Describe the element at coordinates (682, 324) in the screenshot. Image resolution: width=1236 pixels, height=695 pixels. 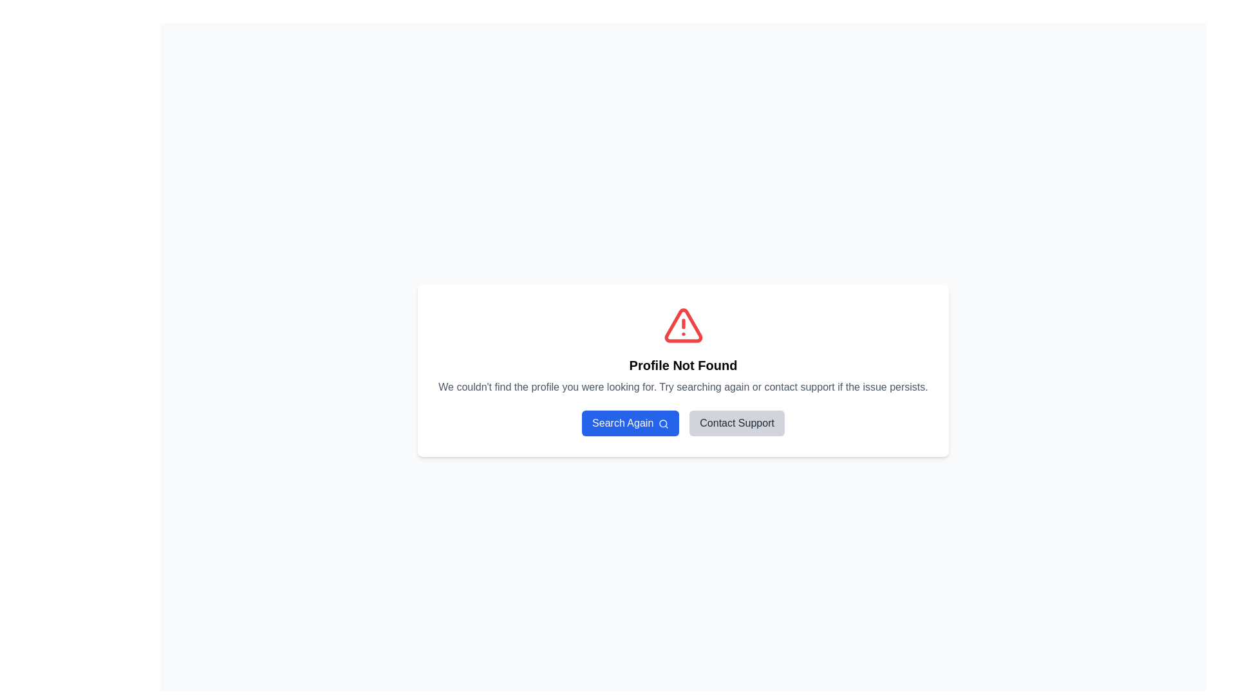
I see `the alert icon located at the top of the central white card interface, which is centered above the 'Profile Not Found' title` at that location.